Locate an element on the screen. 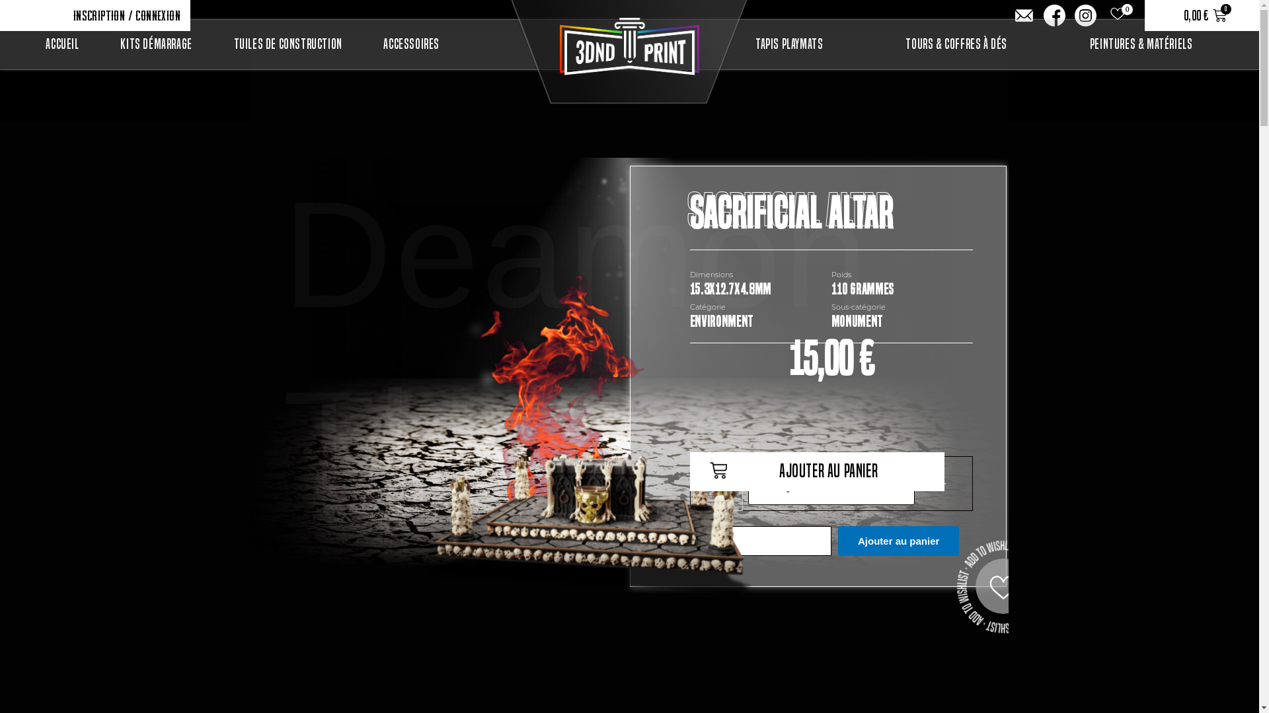 The width and height of the screenshot is (1269, 713). 'Accessoires' is located at coordinates (410, 43).